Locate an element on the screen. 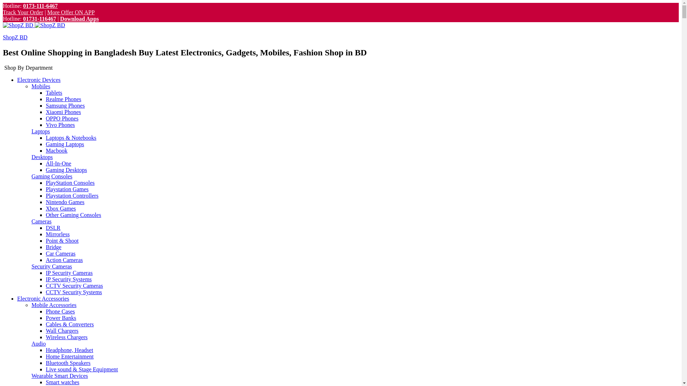 This screenshot has width=687, height=386. 'More Offer ON APP' is located at coordinates (71, 12).